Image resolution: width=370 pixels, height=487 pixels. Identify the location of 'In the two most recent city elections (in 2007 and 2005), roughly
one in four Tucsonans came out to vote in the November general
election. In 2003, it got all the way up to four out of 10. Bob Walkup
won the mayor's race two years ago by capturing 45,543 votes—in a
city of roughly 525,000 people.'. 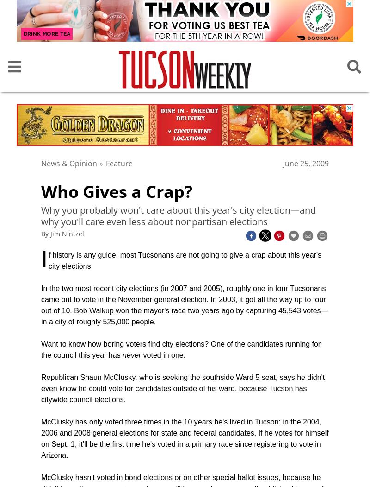
(184, 305).